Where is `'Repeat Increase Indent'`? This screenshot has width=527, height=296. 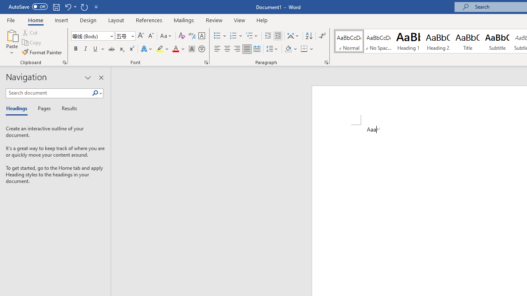 'Repeat Increase Indent' is located at coordinates (84, 7).